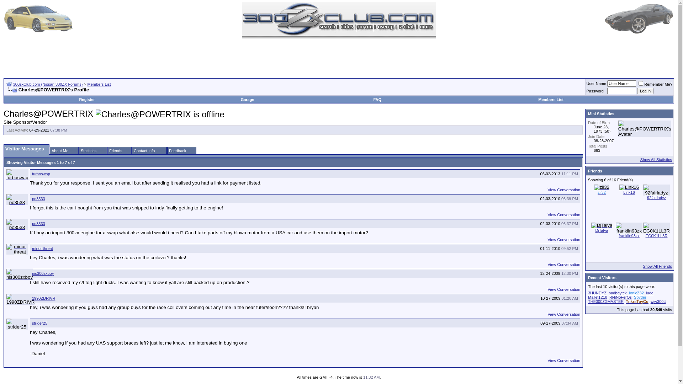  Describe the element at coordinates (601, 187) in the screenshot. I see `'zil32'` at that location.